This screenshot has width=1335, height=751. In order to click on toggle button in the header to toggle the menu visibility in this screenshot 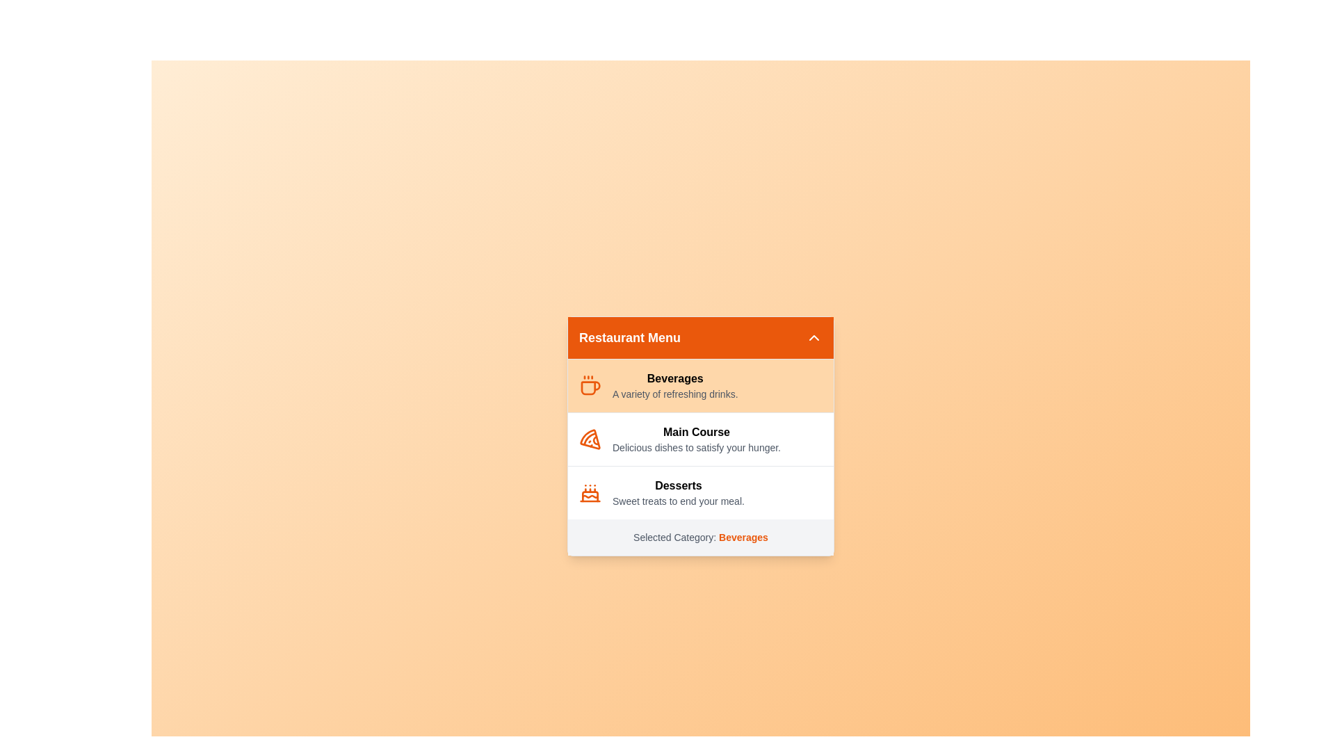, I will do `click(814, 337)`.